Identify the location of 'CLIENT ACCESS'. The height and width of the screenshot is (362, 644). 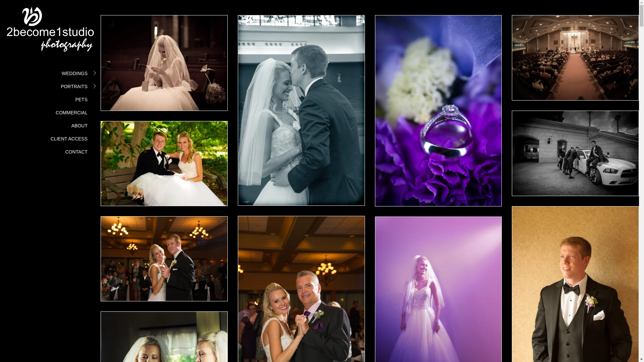
(50, 138).